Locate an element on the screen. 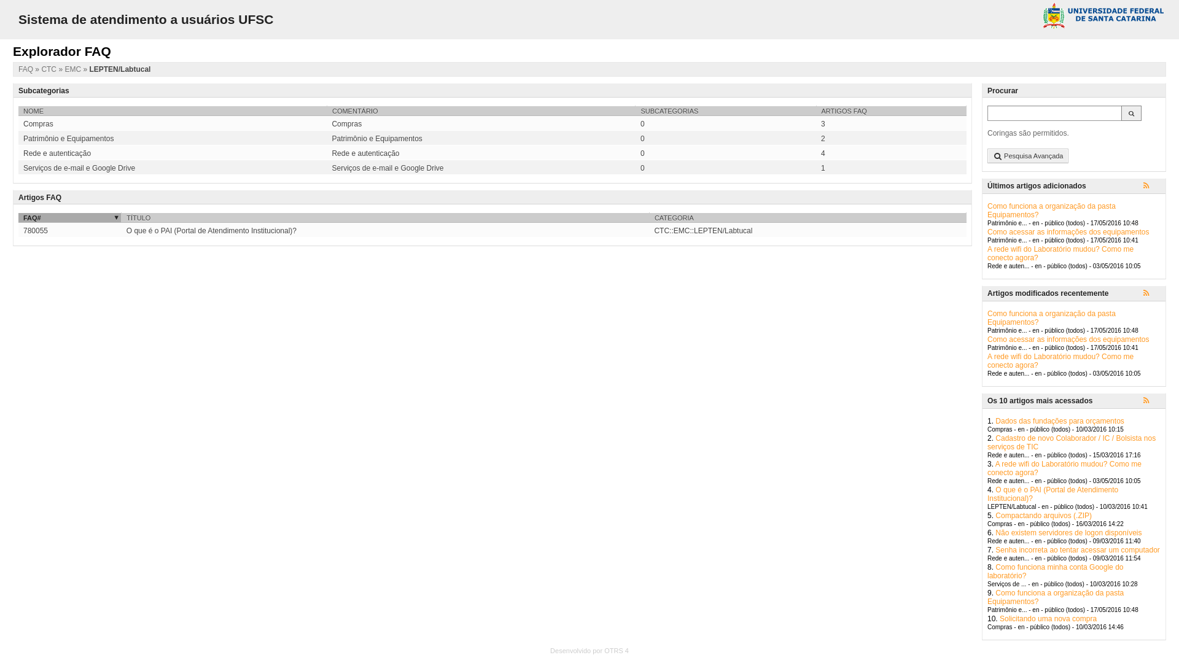 Image resolution: width=1179 pixels, height=663 pixels. 'EMC' is located at coordinates (73, 69).